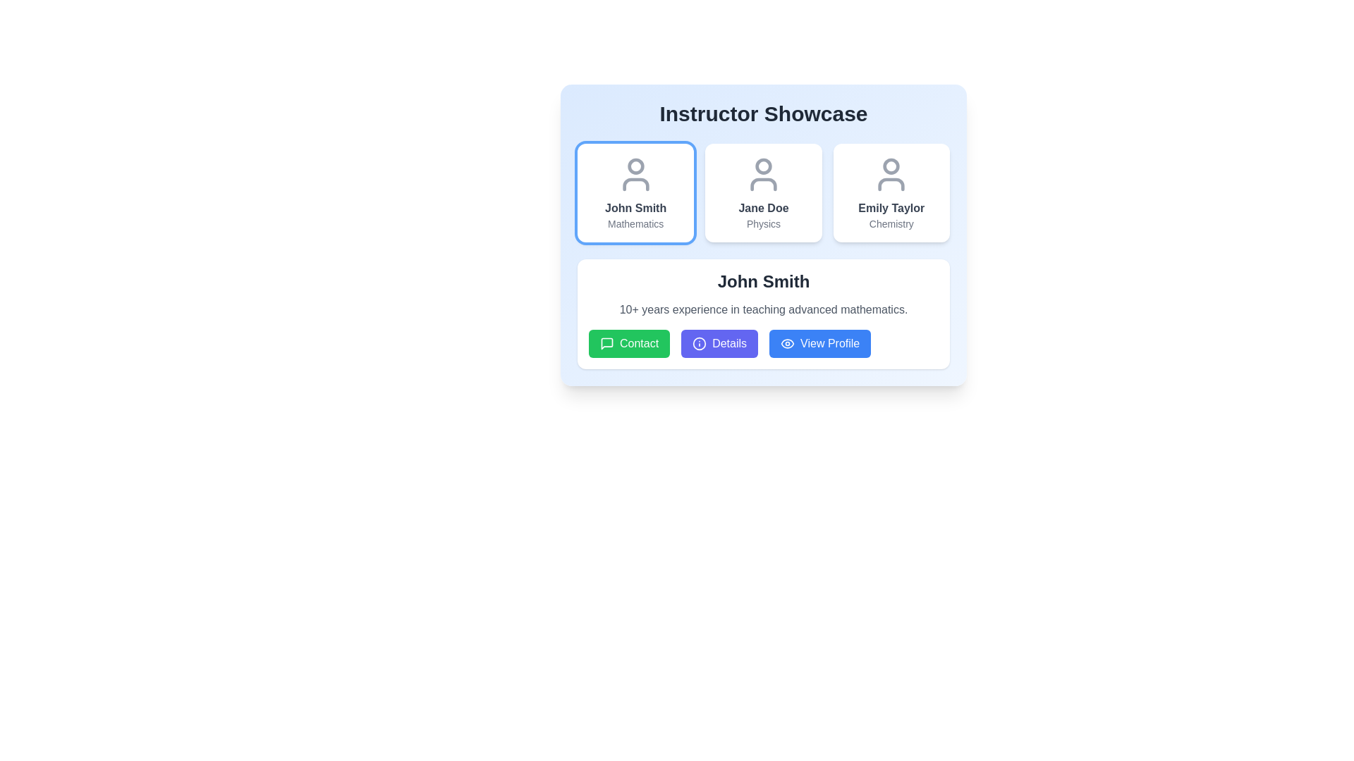 Image resolution: width=1354 pixels, height=761 pixels. I want to click on text content of the label displaying 'Emily Taylor', which identifies the associated person in the card positioned centrally below the user icon and above the descriptor 'Chemistry', so click(891, 209).